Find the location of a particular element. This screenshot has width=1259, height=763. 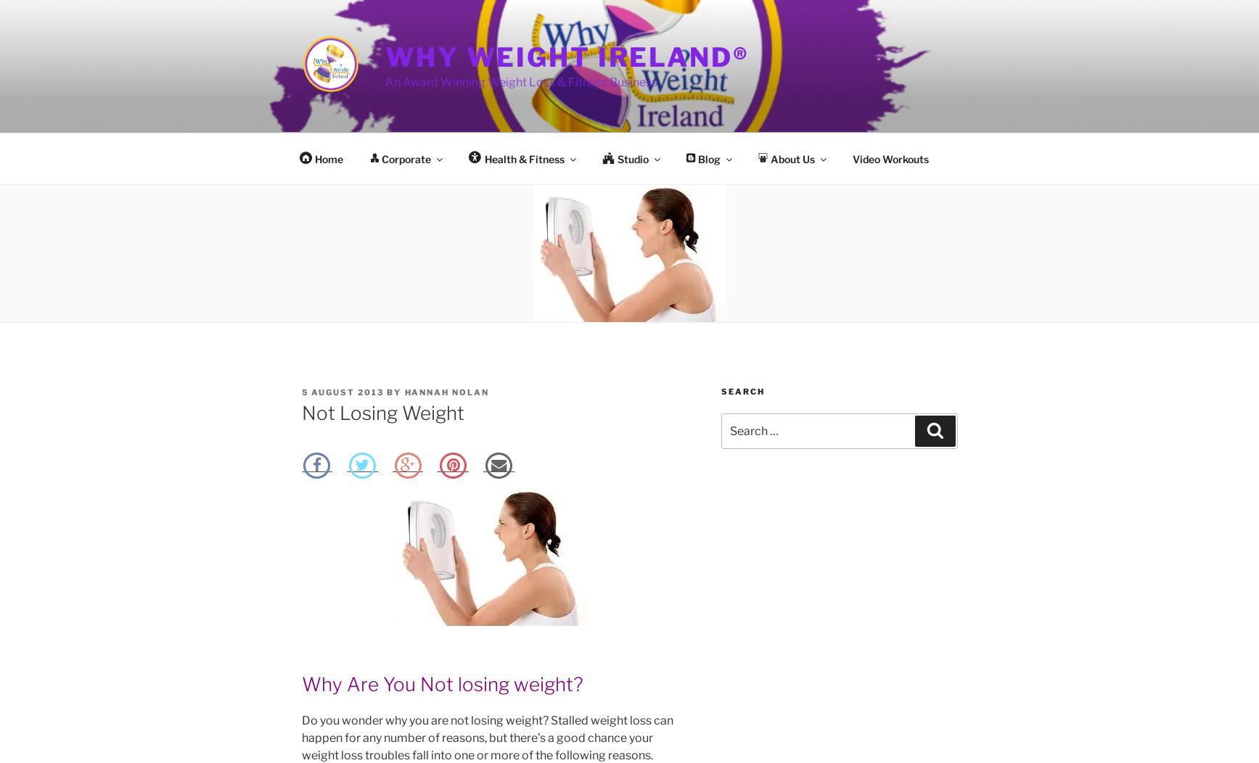

'Not Losing Weight' is located at coordinates (382, 413).